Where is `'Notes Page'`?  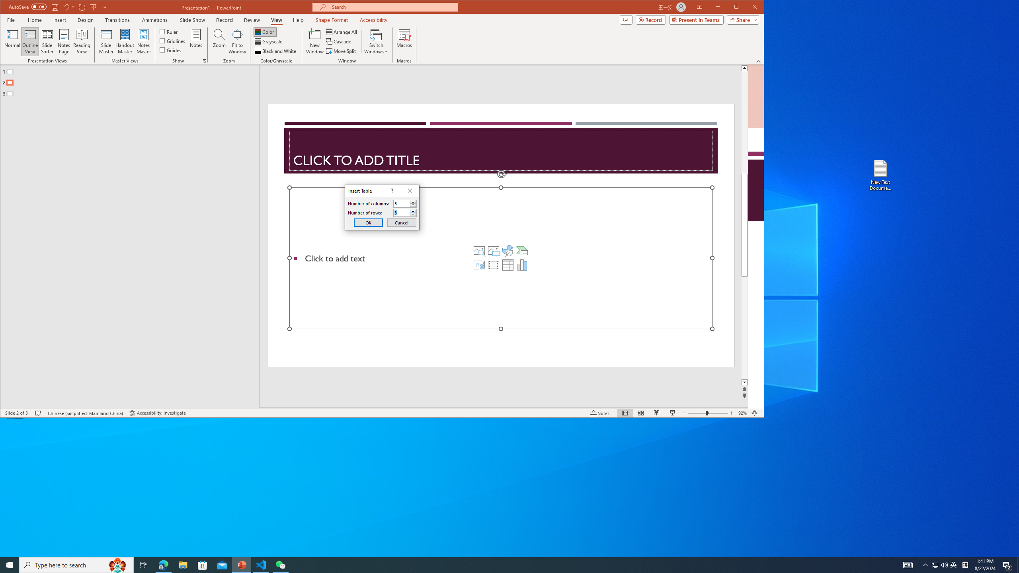
'Notes Page' is located at coordinates (64, 41).